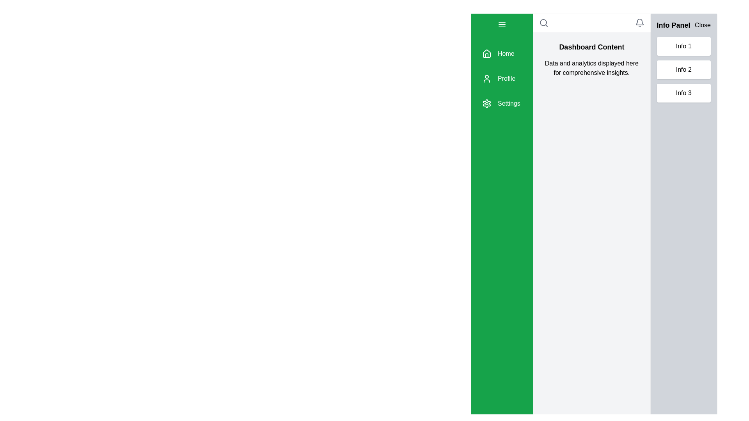  Describe the element at coordinates (486, 53) in the screenshot. I see `the 'Home' menu item icon located at the top of the vertical toolbar on the far left of the application interface` at that location.